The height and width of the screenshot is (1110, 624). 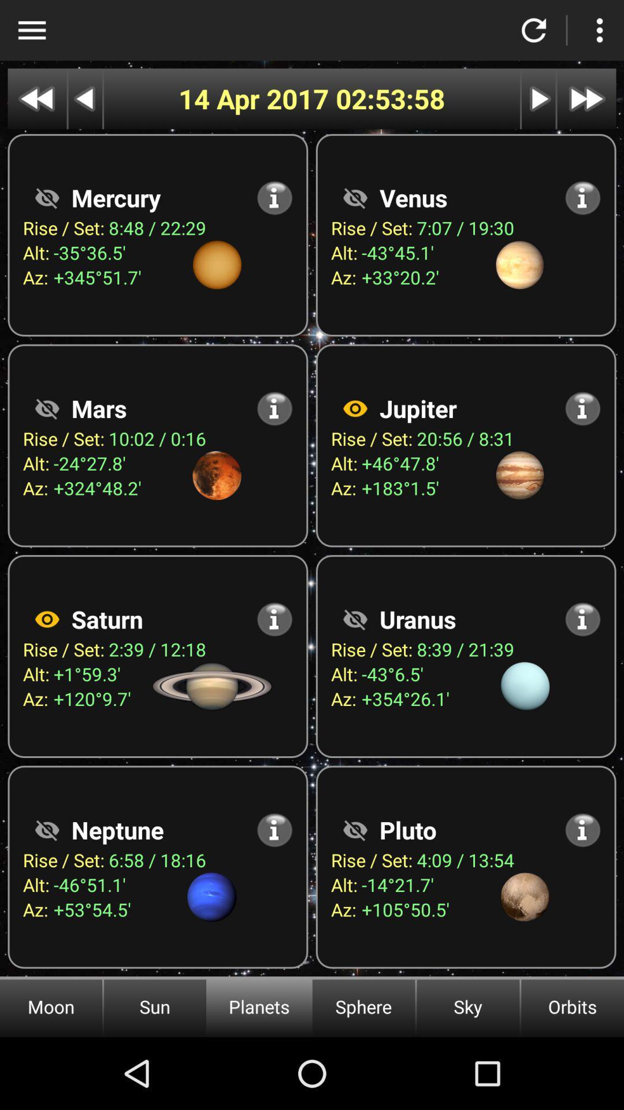 I want to click on visibility, so click(x=46, y=408).